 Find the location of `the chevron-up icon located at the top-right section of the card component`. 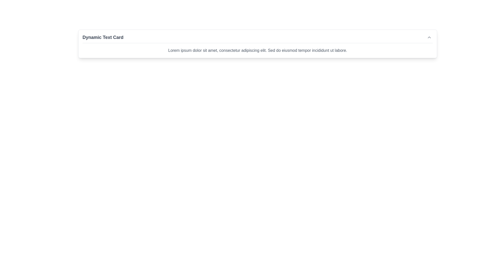

the chevron-up icon located at the top-right section of the card component is located at coordinates (429, 37).